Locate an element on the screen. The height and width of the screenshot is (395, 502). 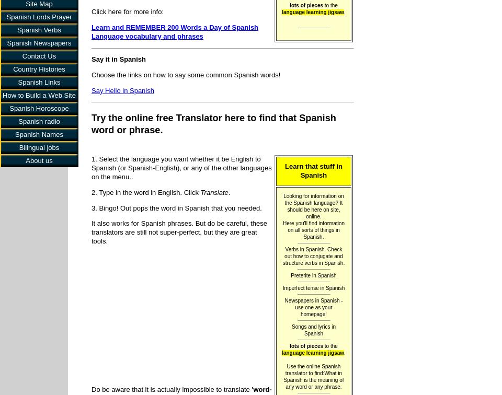
'Spanish Newspapers' is located at coordinates (39, 42).